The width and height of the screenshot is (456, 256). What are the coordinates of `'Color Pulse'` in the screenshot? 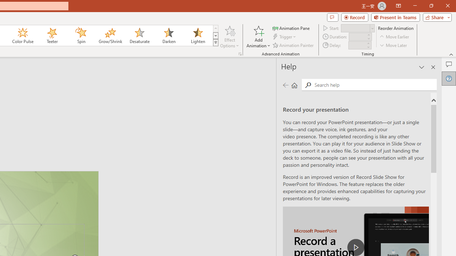 It's located at (23, 36).